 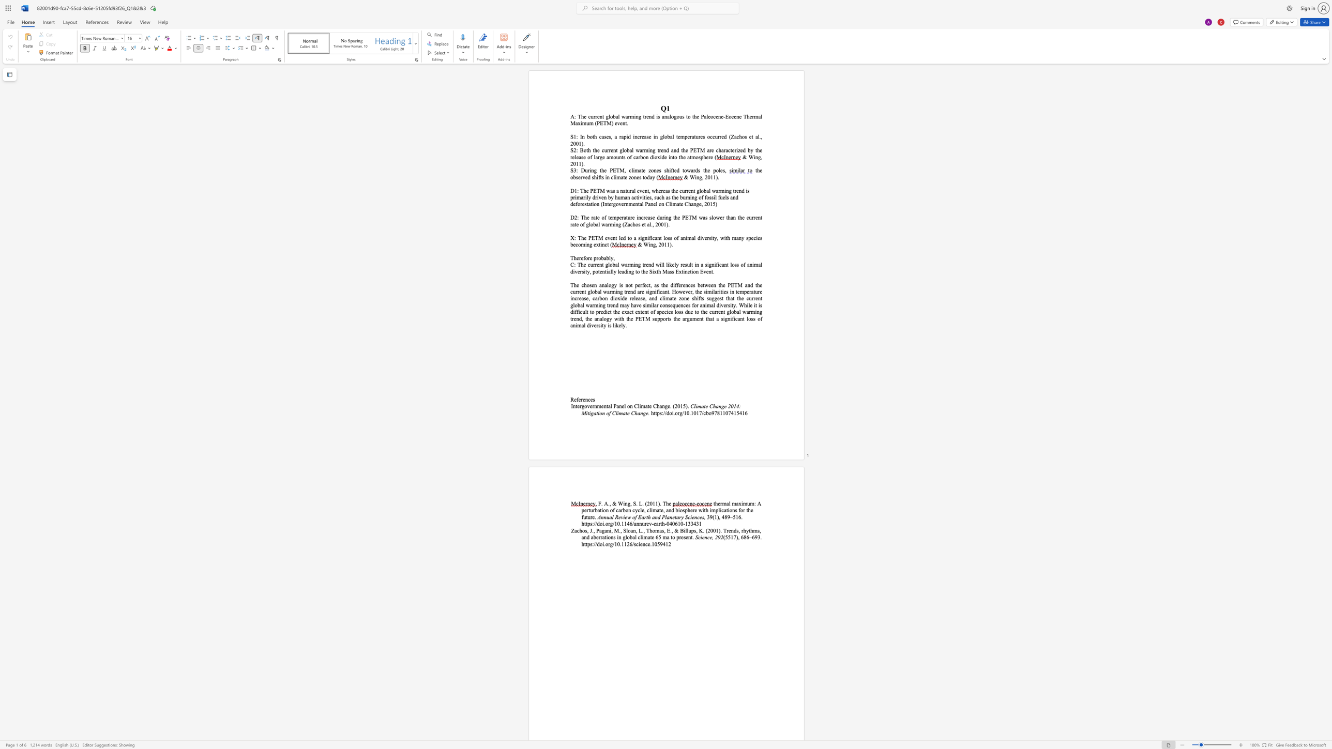 What do you see at coordinates (607, 136) in the screenshot?
I see `the 1th character "e" in the text` at bounding box center [607, 136].